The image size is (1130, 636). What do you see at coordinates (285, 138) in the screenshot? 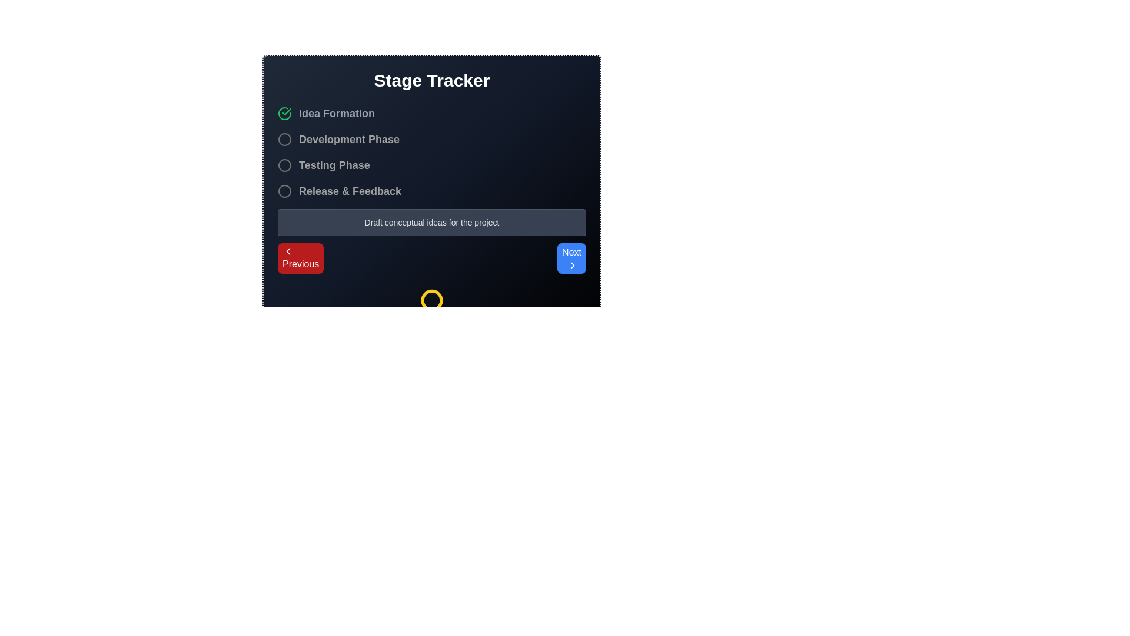
I see `the unfilled circular graphic element, which is the second indicator in the vertical sequence located to the left of the 'Development Phase' text` at bounding box center [285, 138].